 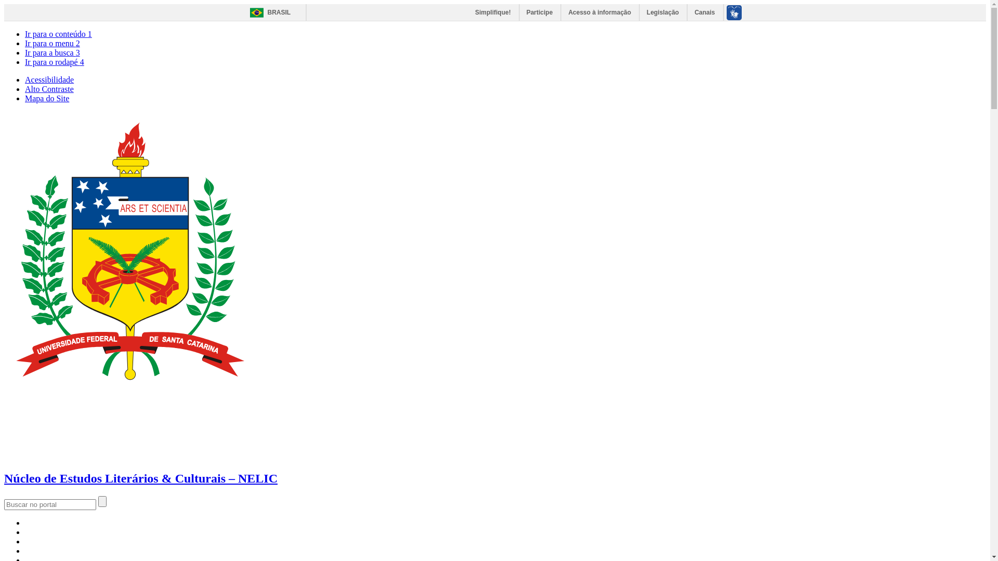 What do you see at coordinates (493, 12) in the screenshot?
I see `'Simplifique!'` at bounding box center [493, 12].